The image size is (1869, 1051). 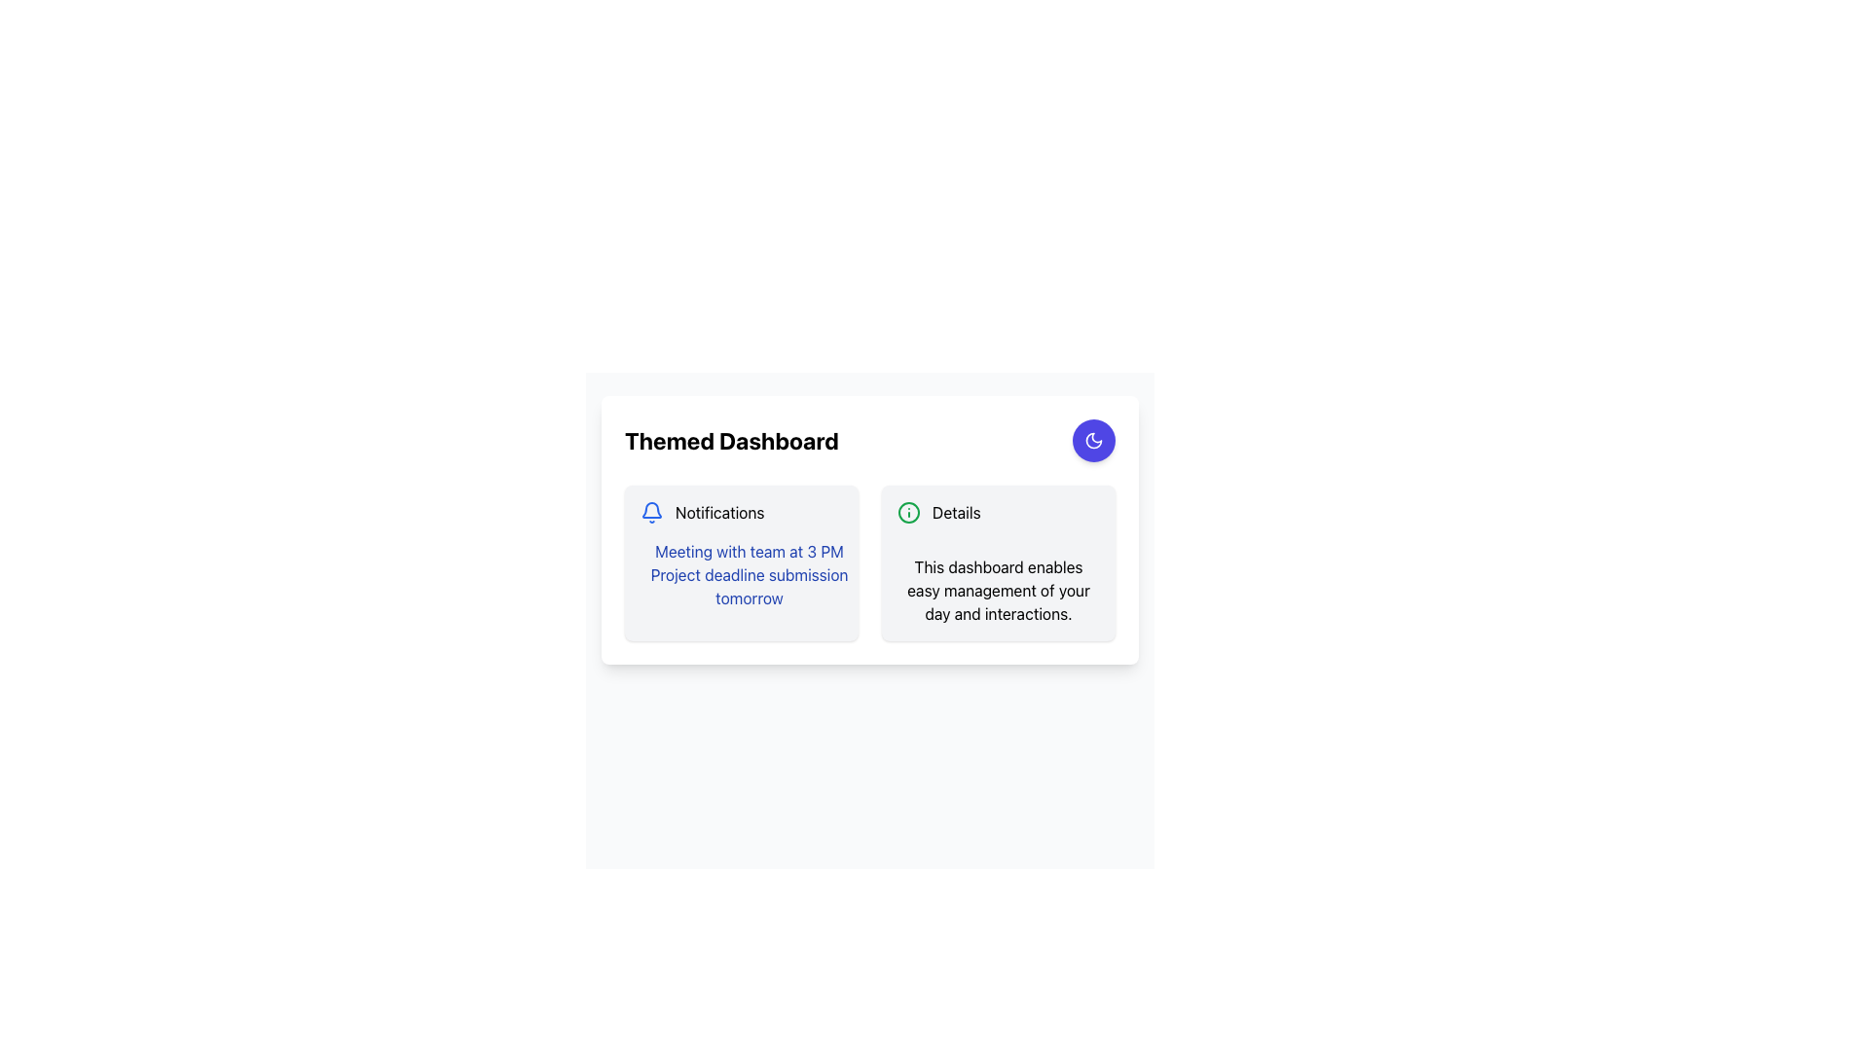 What do you see at coordinates (1093, 440) in the screenshot?
I see `the crescent moon icon within the circular button at the top-right corner of the interface` at bounding box center [1093, 440].